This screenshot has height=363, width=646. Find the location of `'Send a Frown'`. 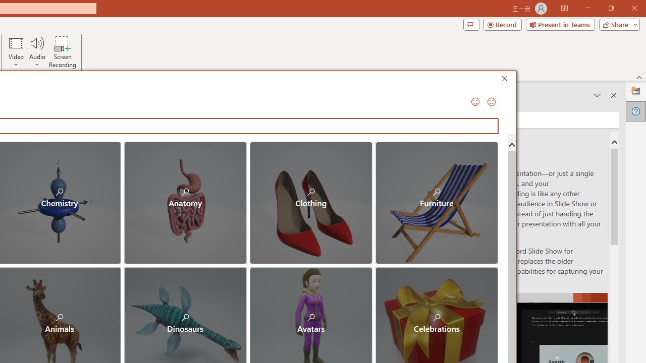

'Send a Frown' is located at coordinates (491, 101).